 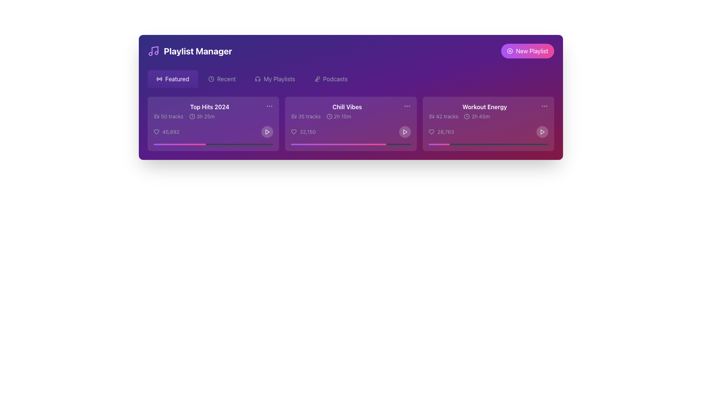 I want to click on the icon representing audio playlists, which is positioned to the left of the text label 'My Playlists', so click(x=258, y=79).